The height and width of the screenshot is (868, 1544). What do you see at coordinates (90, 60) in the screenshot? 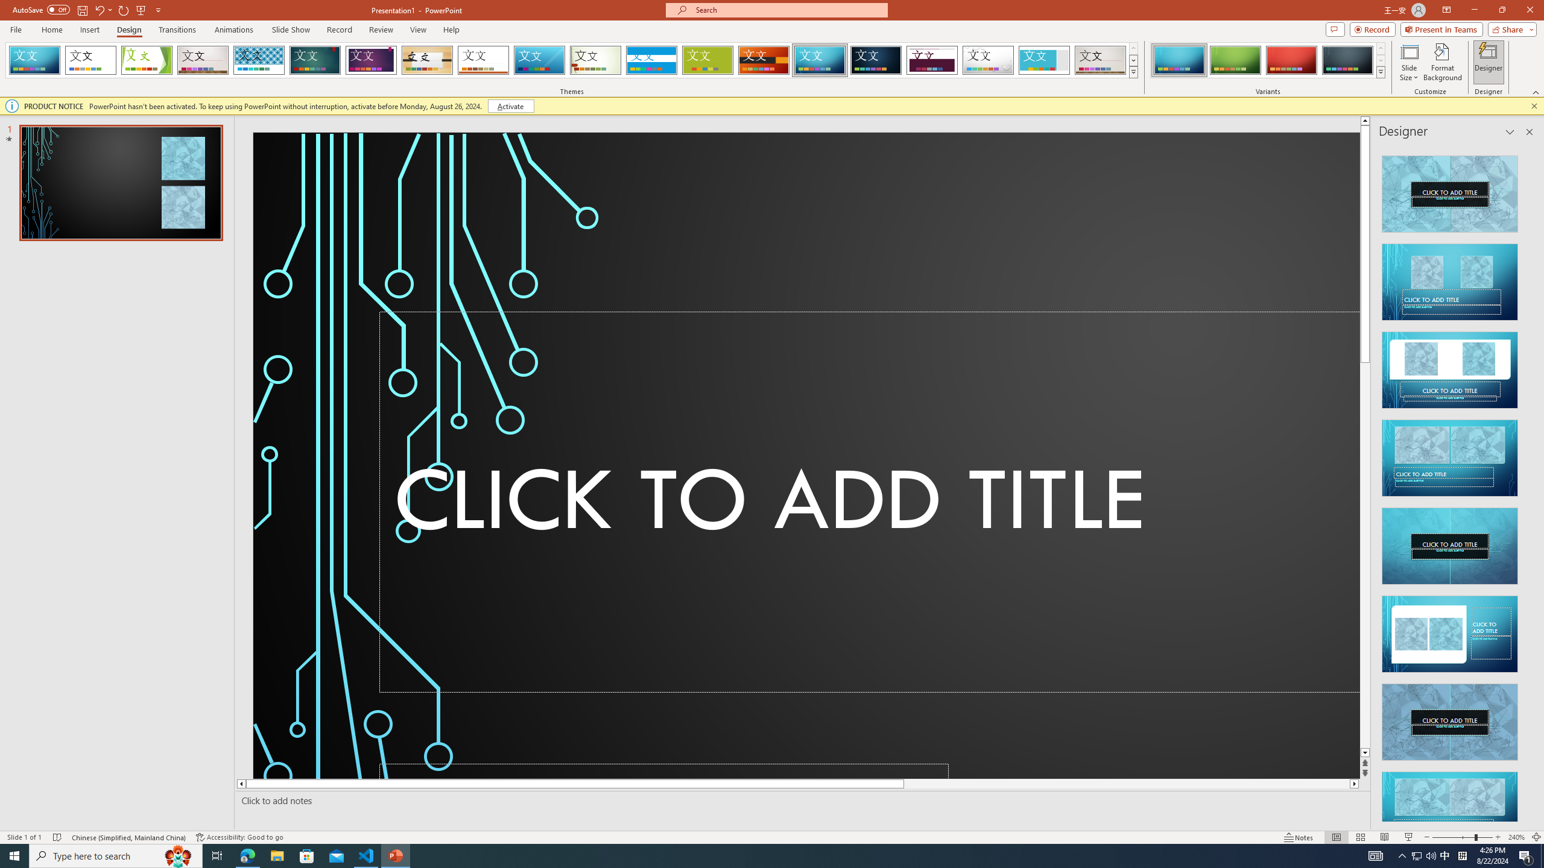
I see `'Office Theme'` at bounding box center [90, 60].